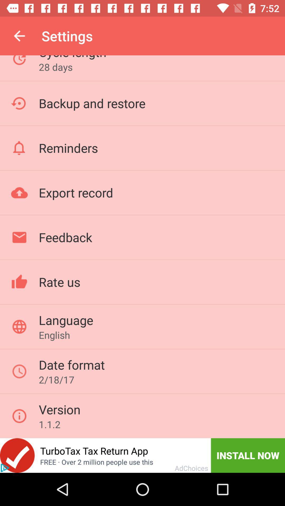 Image resolution: width=285 pixels, height=506 pixels. I want to click on app next to adchoices item, so click(248, 455).